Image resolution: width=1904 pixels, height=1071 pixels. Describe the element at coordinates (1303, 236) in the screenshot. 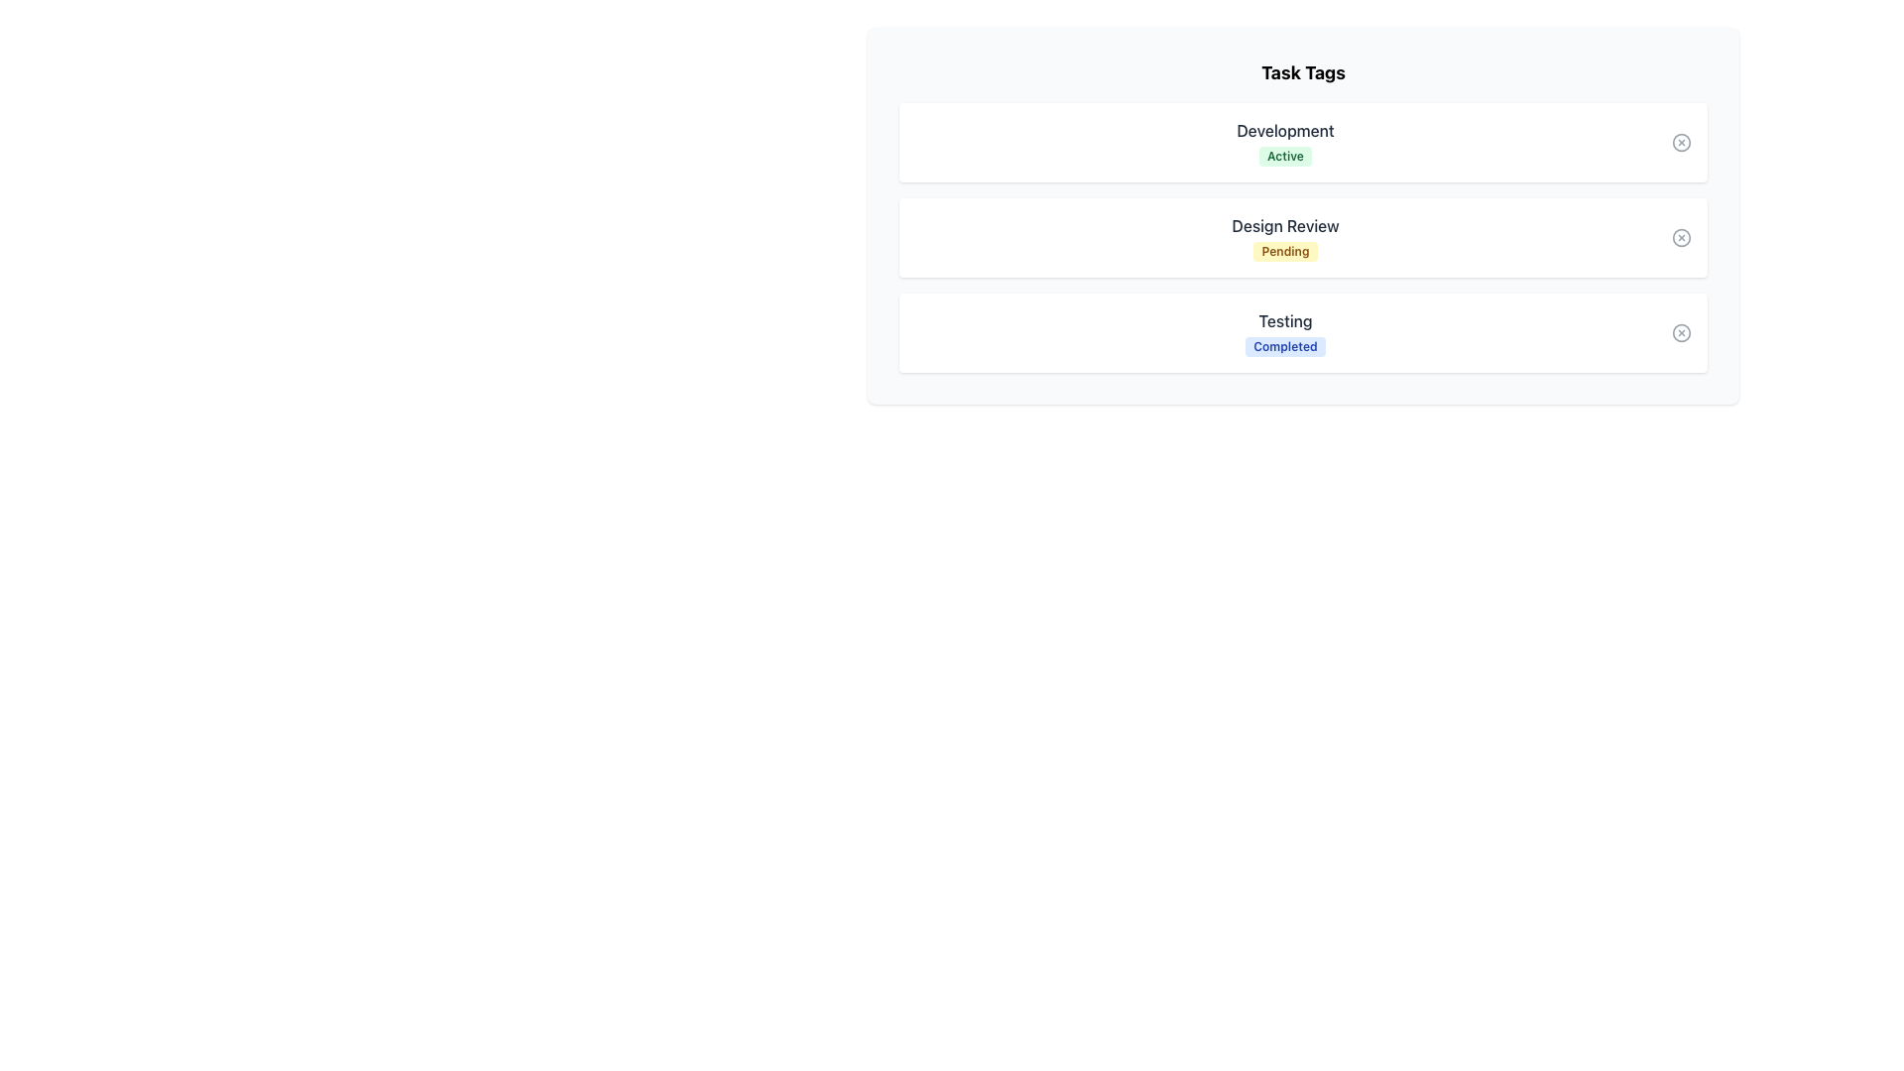

I see `the 'Design Review' task status row, which is labeled 'Pending' and has a yellow badge, located in the 'Task Tags' section` at that location.